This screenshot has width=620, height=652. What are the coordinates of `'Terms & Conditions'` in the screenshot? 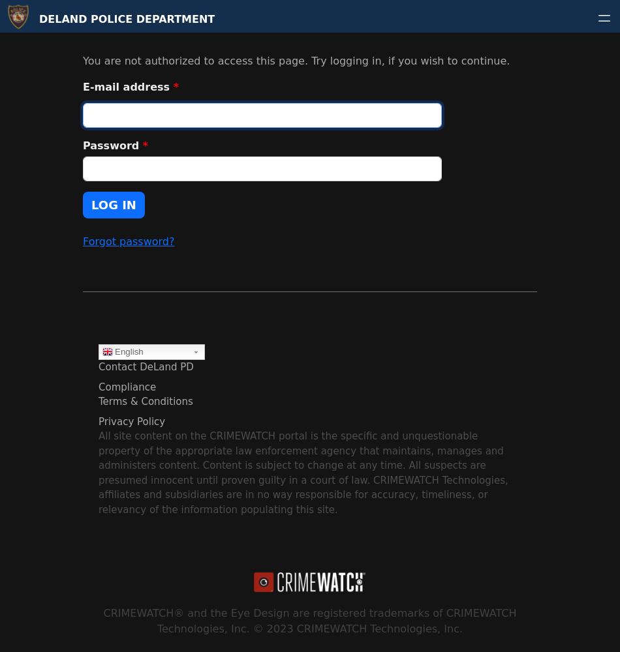 It's located at (145, 401).